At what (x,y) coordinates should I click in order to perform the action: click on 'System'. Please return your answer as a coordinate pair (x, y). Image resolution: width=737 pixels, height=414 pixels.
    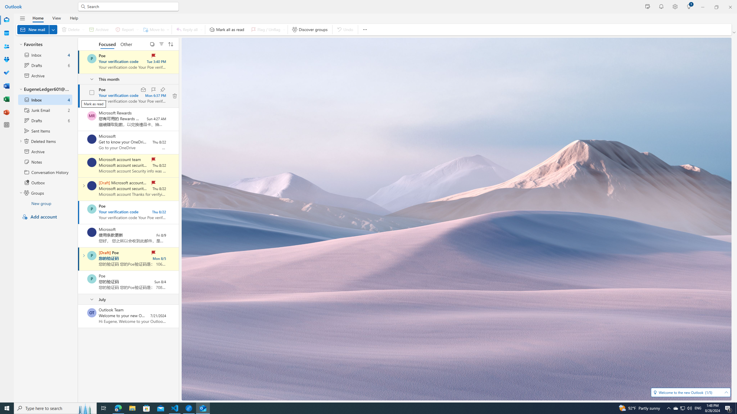
    Looking at the image, I should click on (3, 3).